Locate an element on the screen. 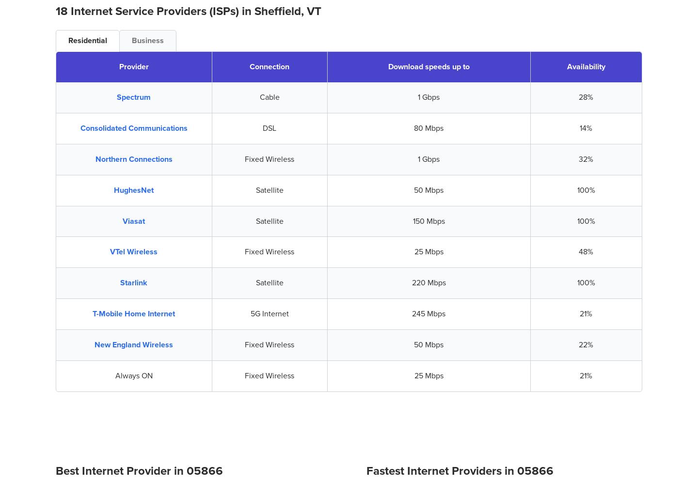 The height and width of the screenshot is (482, 698). 'Starlink' is located at coordinates (133, 282).